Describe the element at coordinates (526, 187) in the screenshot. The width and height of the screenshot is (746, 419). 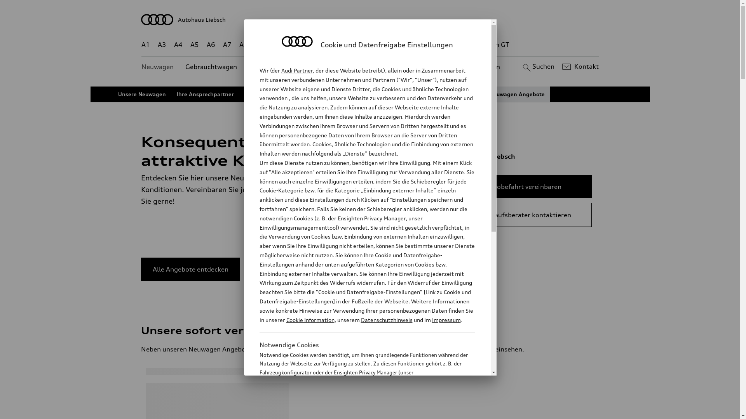
I see `'Probefahrt vereinbaren'` at that location.